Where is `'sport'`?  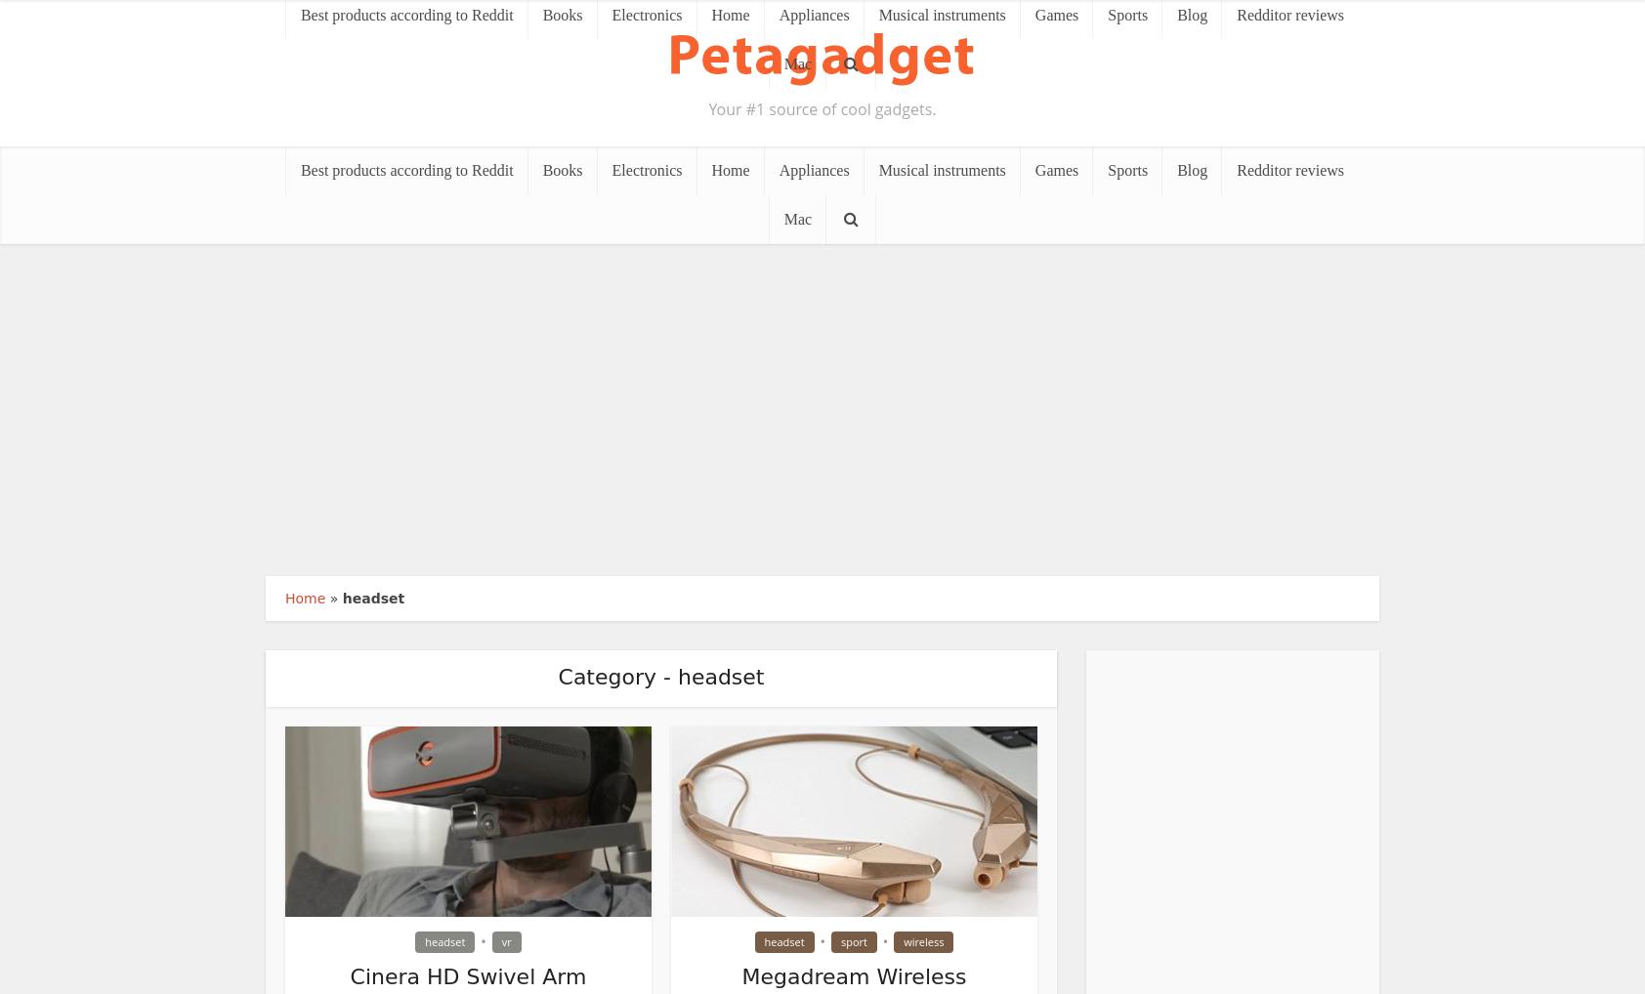 'sport' is located at coordinates (839, 940).